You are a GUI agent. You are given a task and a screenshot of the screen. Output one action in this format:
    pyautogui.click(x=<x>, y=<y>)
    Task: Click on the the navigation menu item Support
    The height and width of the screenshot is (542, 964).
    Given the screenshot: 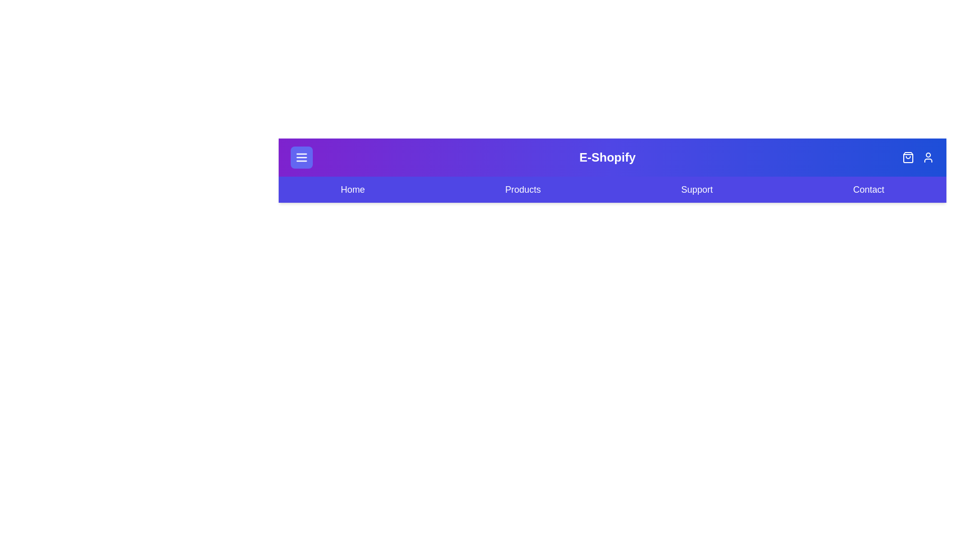 What is the action you would take?
    pyautogui.click(x=696, y=190)
    